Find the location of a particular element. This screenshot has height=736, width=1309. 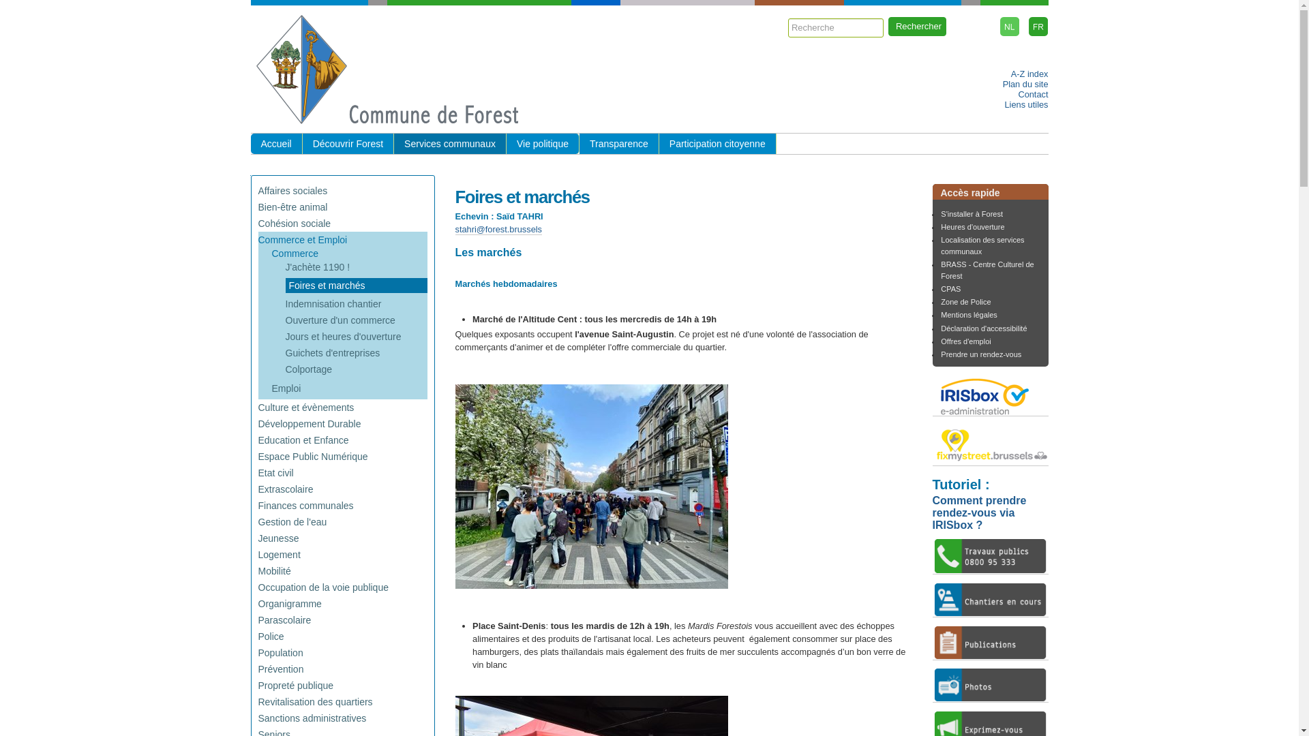

'Contact' is located at coordinates (1033, 93).